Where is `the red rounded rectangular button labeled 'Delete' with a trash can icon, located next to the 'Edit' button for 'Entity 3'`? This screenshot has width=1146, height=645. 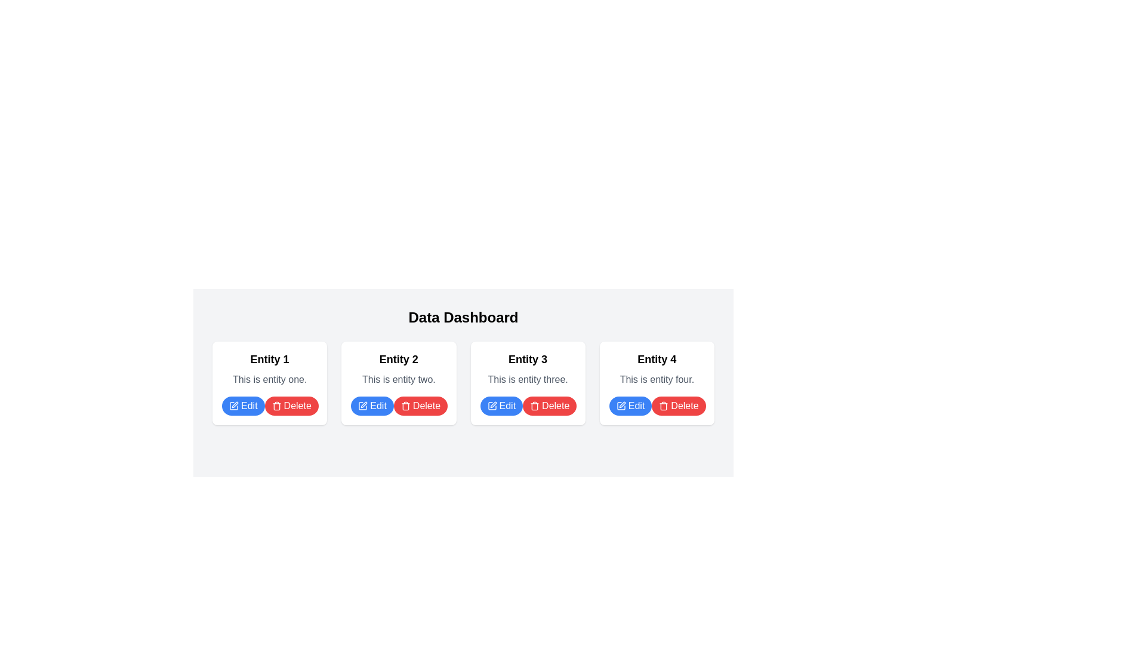
the red rounded rectangular button labeled 'Delete' with a trash can icon, located next to the 'Edit' button for 'Entity 3' is located at coordinates (549, 405).